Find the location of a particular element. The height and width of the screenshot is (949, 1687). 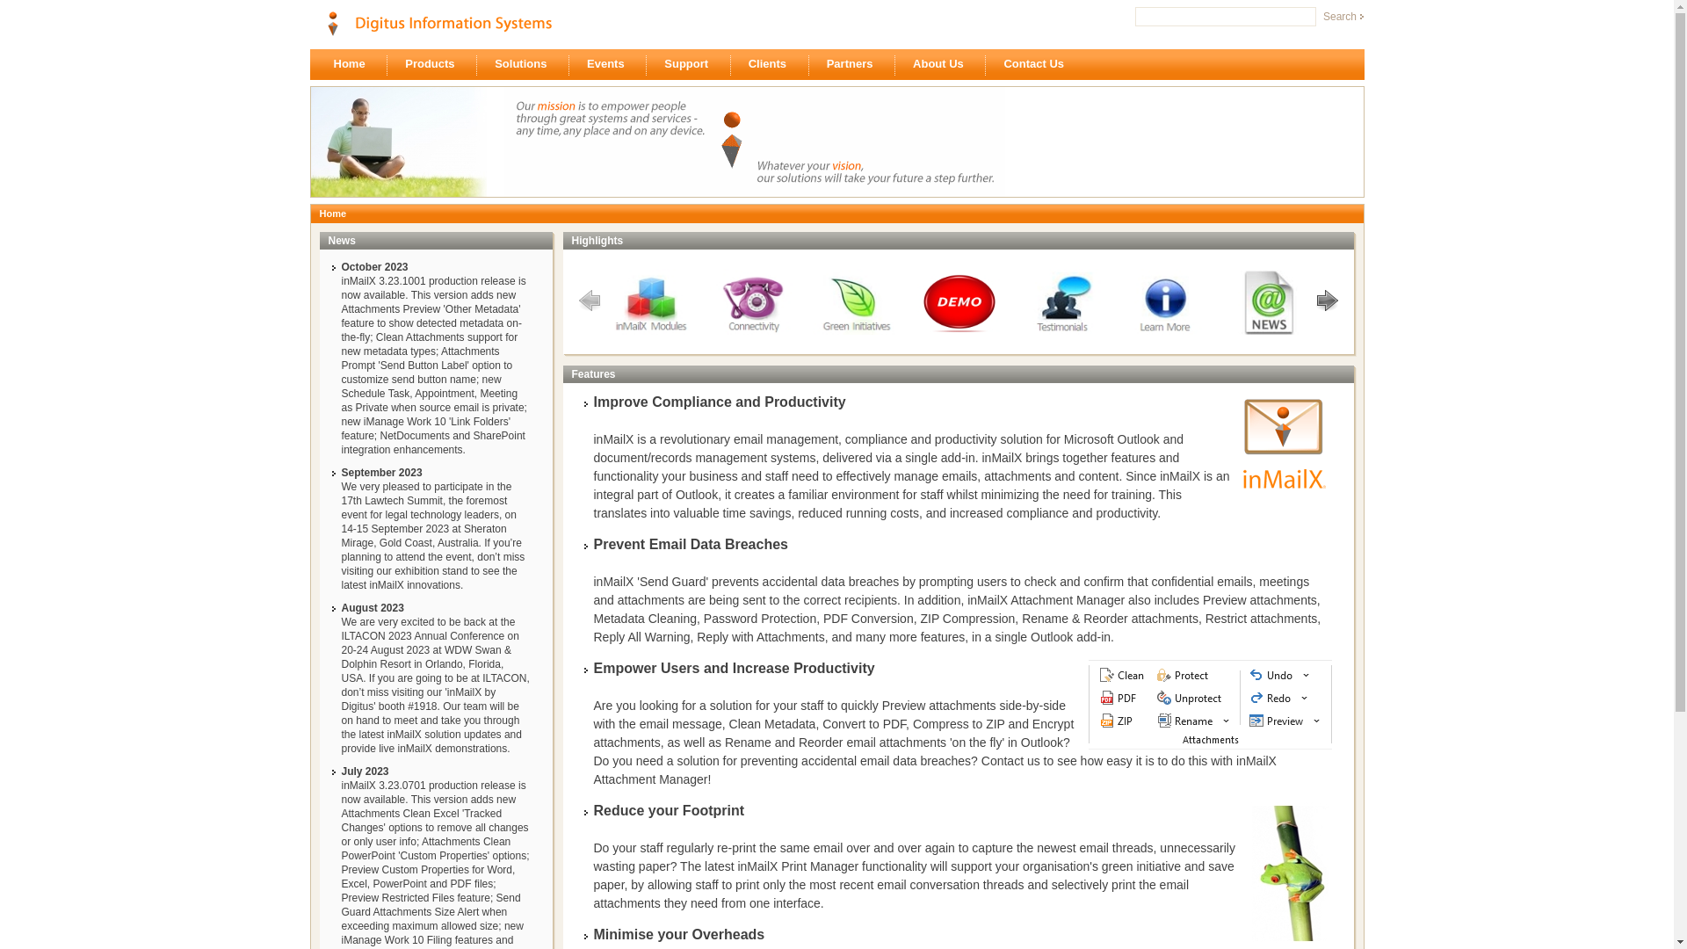

'Contact Us' is located at coordinates (1038, 63).